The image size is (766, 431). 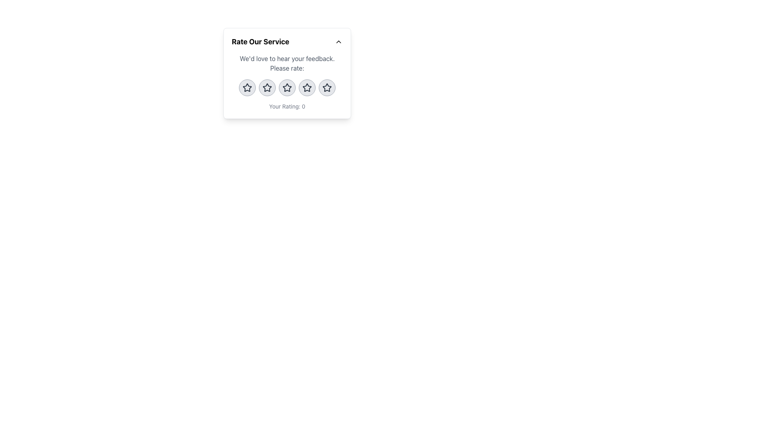 I want to click on the third star icon in the rating component, so click(x=287, y=87).